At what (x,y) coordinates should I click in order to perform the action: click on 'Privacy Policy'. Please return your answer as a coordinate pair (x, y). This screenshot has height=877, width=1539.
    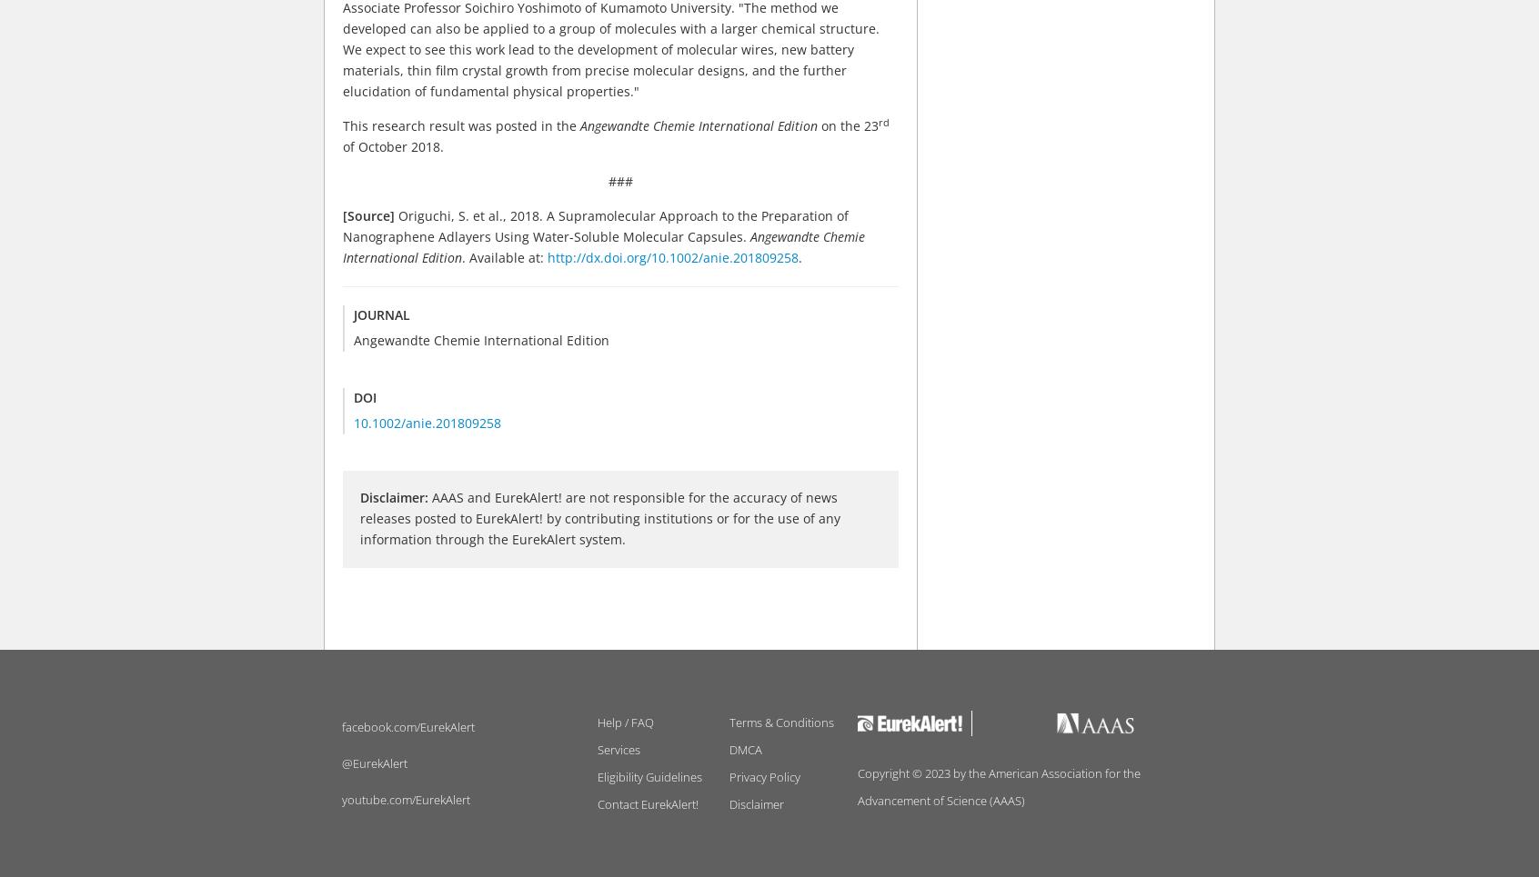
    Looking at the image, I should click on (764, 775).